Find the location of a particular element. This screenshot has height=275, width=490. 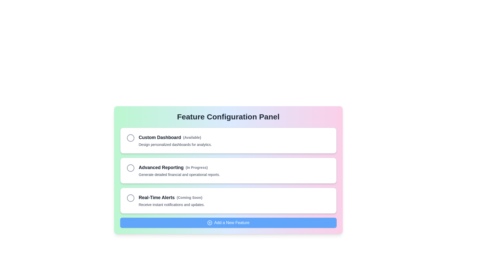

the 'Advanced Reporting' informational card, which indicates its availability as 'In Progress' and is the second card in a list of three stacked cards is located at coordinates (228, 171).